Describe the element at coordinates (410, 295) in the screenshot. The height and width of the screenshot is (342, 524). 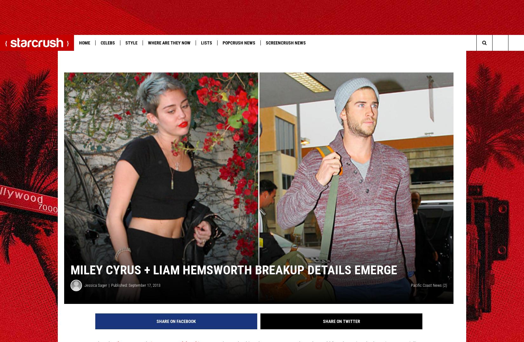
I see `'Pacific Coast News (2)'` at that location.